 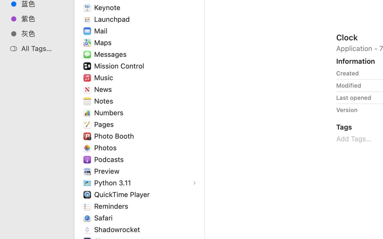 I want to click on 'Podcasts', so click(x=110, y=159).